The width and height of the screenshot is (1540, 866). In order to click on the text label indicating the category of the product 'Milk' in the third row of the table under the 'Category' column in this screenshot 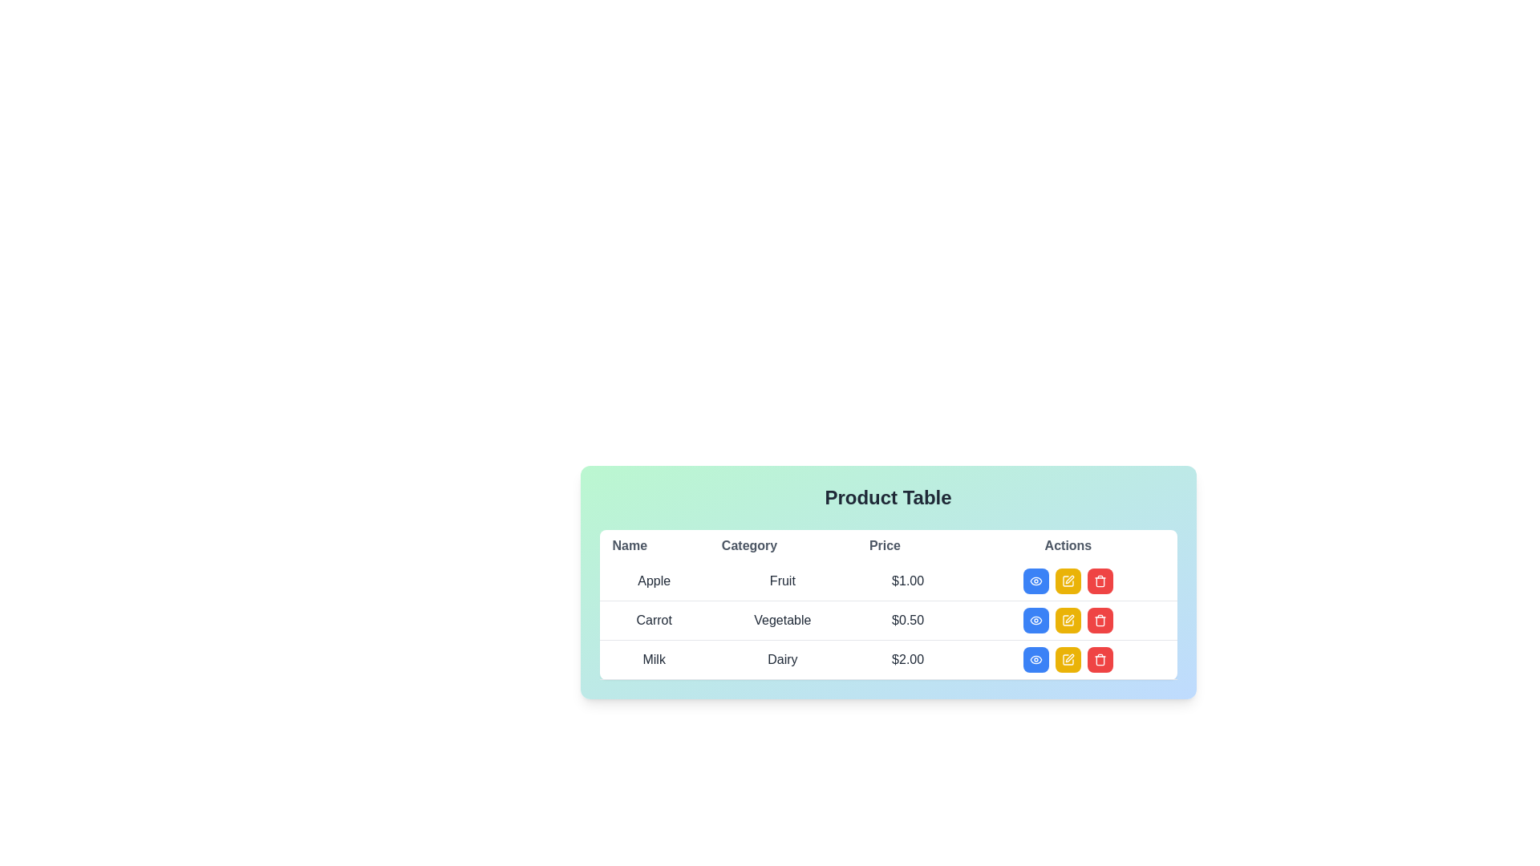, I will do `click(782, 659)`.